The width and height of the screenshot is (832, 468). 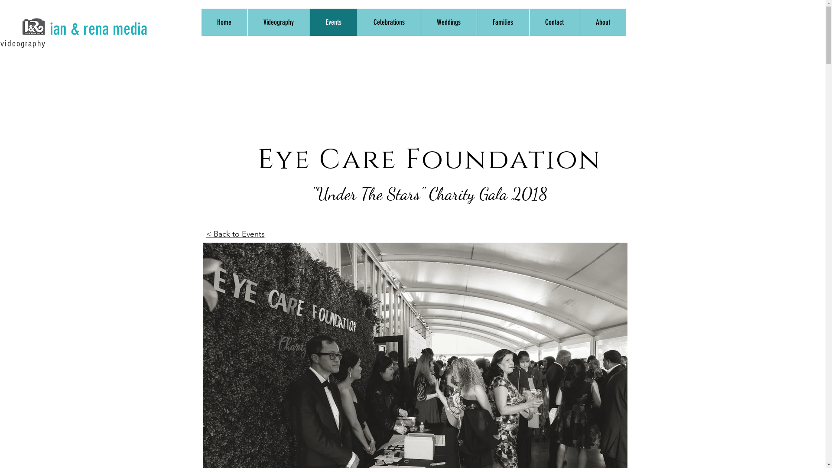 What do you see at coordinates (357, 22) in the screenshot?
I see `'Celebrations'` at bounding box center [357, 22].